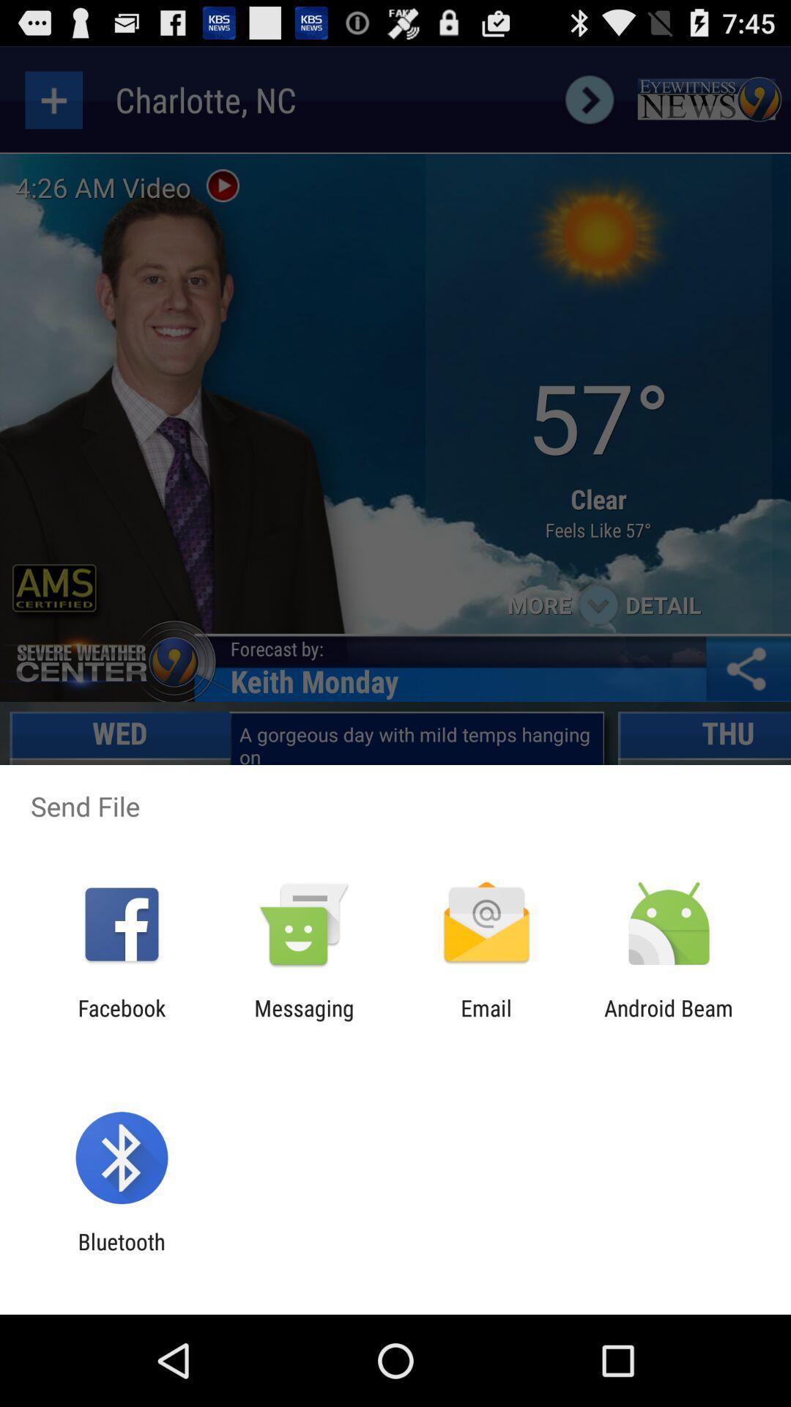 The width and height of the screenshot is (791, 1407). Describe the element at coordinates (669, 1020) in the screenshot. I see `the android beam app` at that location.